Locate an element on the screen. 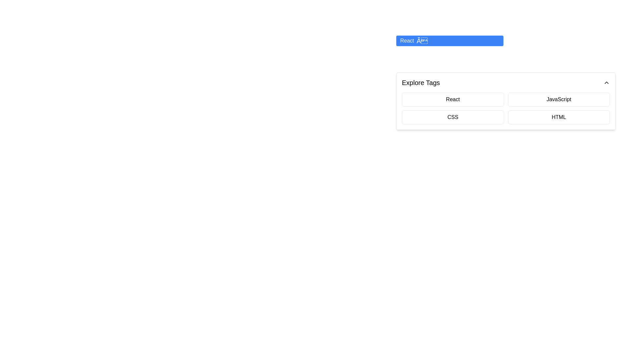 The image size is (633, 356). the tag selection component located is located at coordinates (505, 101).